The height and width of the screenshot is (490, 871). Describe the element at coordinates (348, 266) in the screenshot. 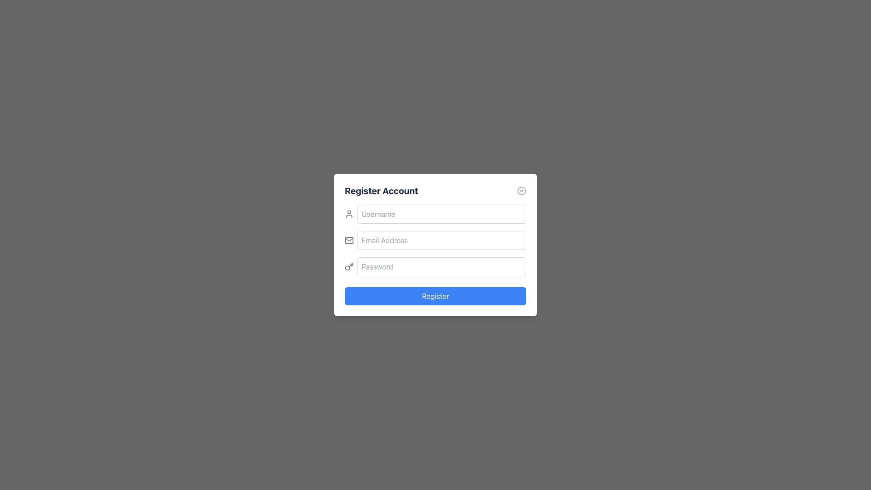

I see `the password icon located to the left of the password input field, which serves as a visual indicator for secure password entry` at that location.